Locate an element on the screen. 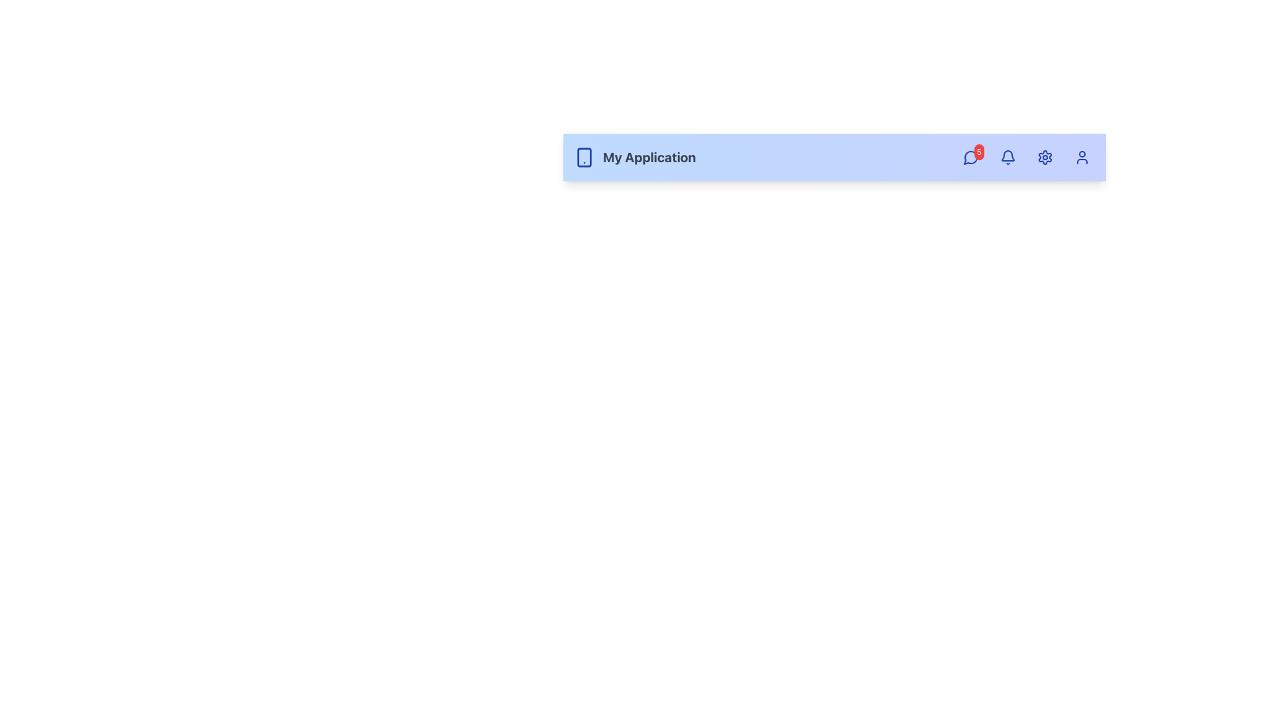  the gear-shaped icon with a blue outline in the navigation bar is located at coordinates (1045, 157).